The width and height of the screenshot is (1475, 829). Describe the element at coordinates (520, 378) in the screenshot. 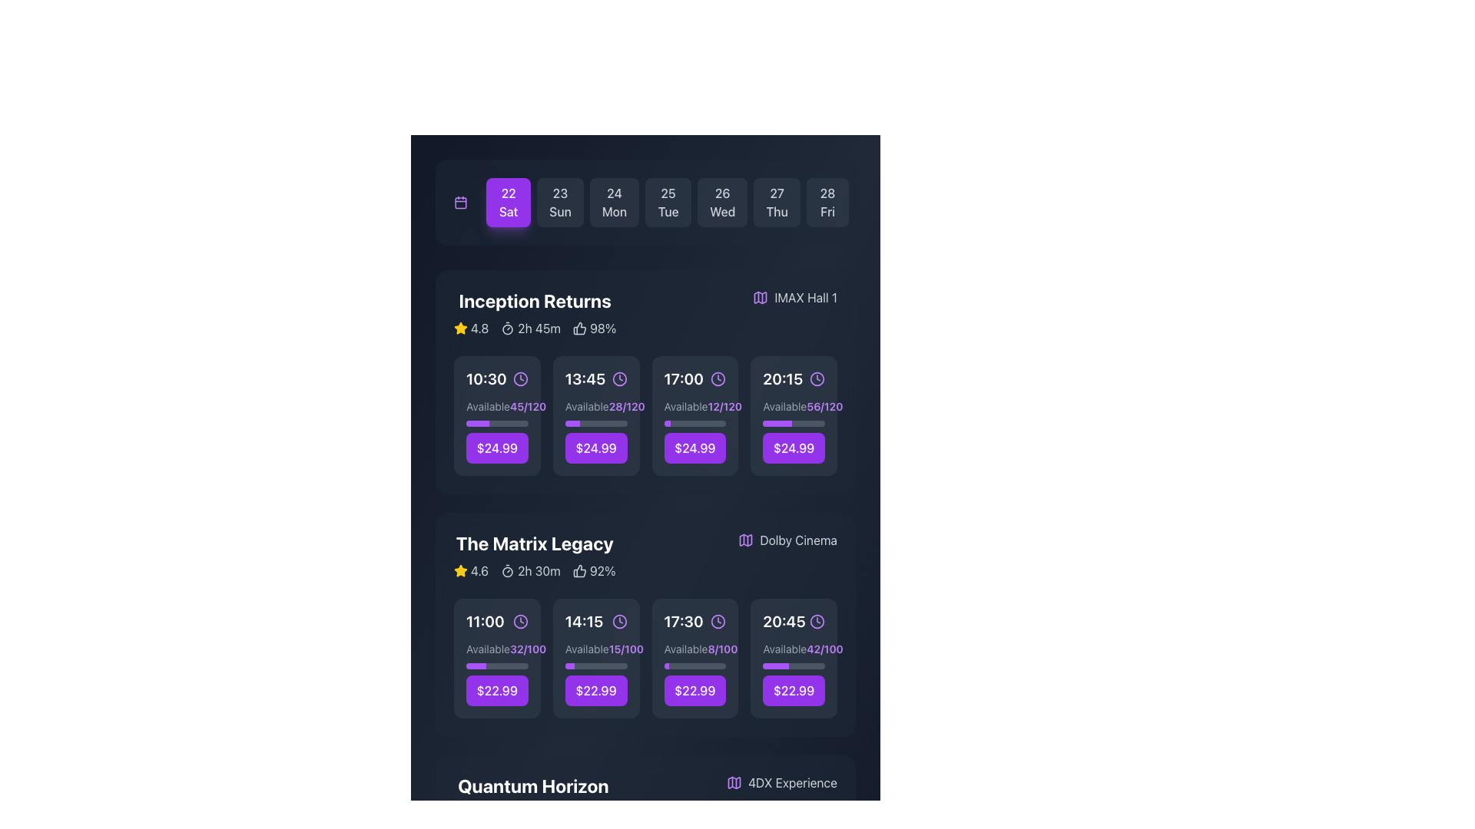

I see `the circular graphical element that represents the base of the clock icon located near the time indicator '10:30' for the movie 'Inception Returns'` at that location.